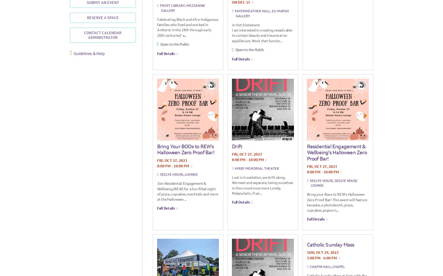 The image size is (443, 276). Describe the element at coordinates (338, 266) in the screenshot. I see `', Chapel'` at that location.